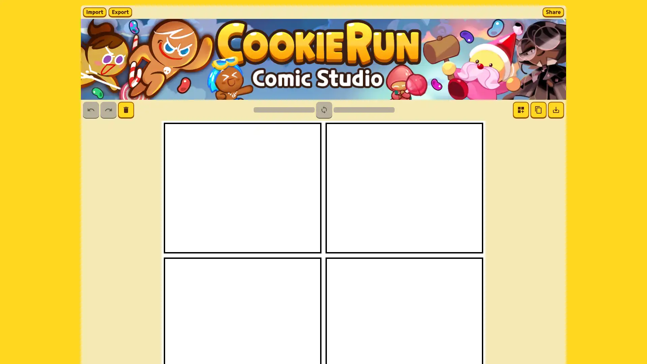 The image size is (647, 364). What do you see at coordinates (108, 110) in the screenshot?
I see `redo` at bounding box center [108, 110].